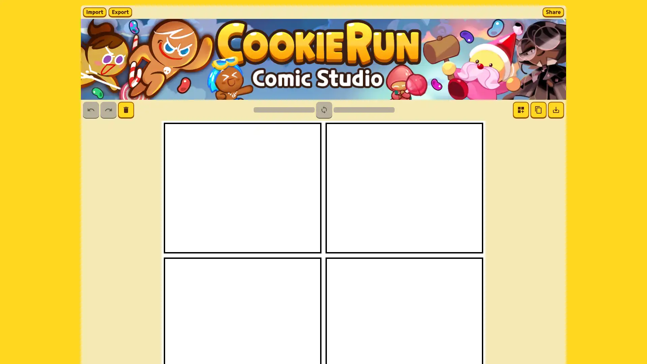 The image size is (647, 364). What do you see at coordinates (108, 110) in the screenshot?
I see `redo` at bounding box center [108, 110].